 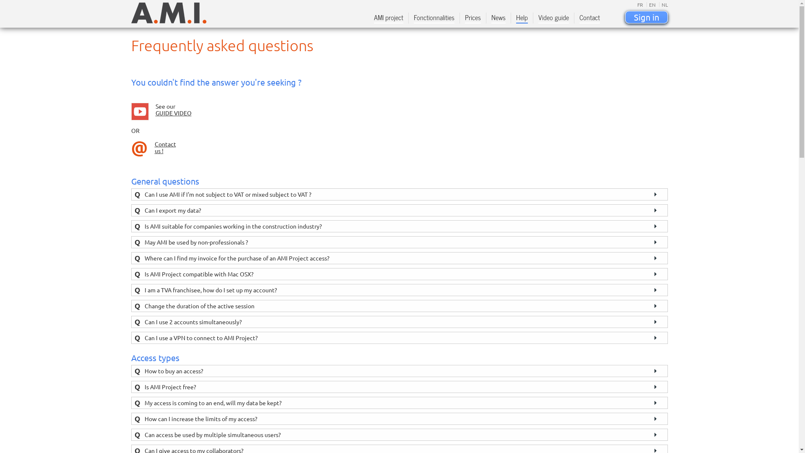 I want to click on 'AMI project', so click(x=374, y=18).